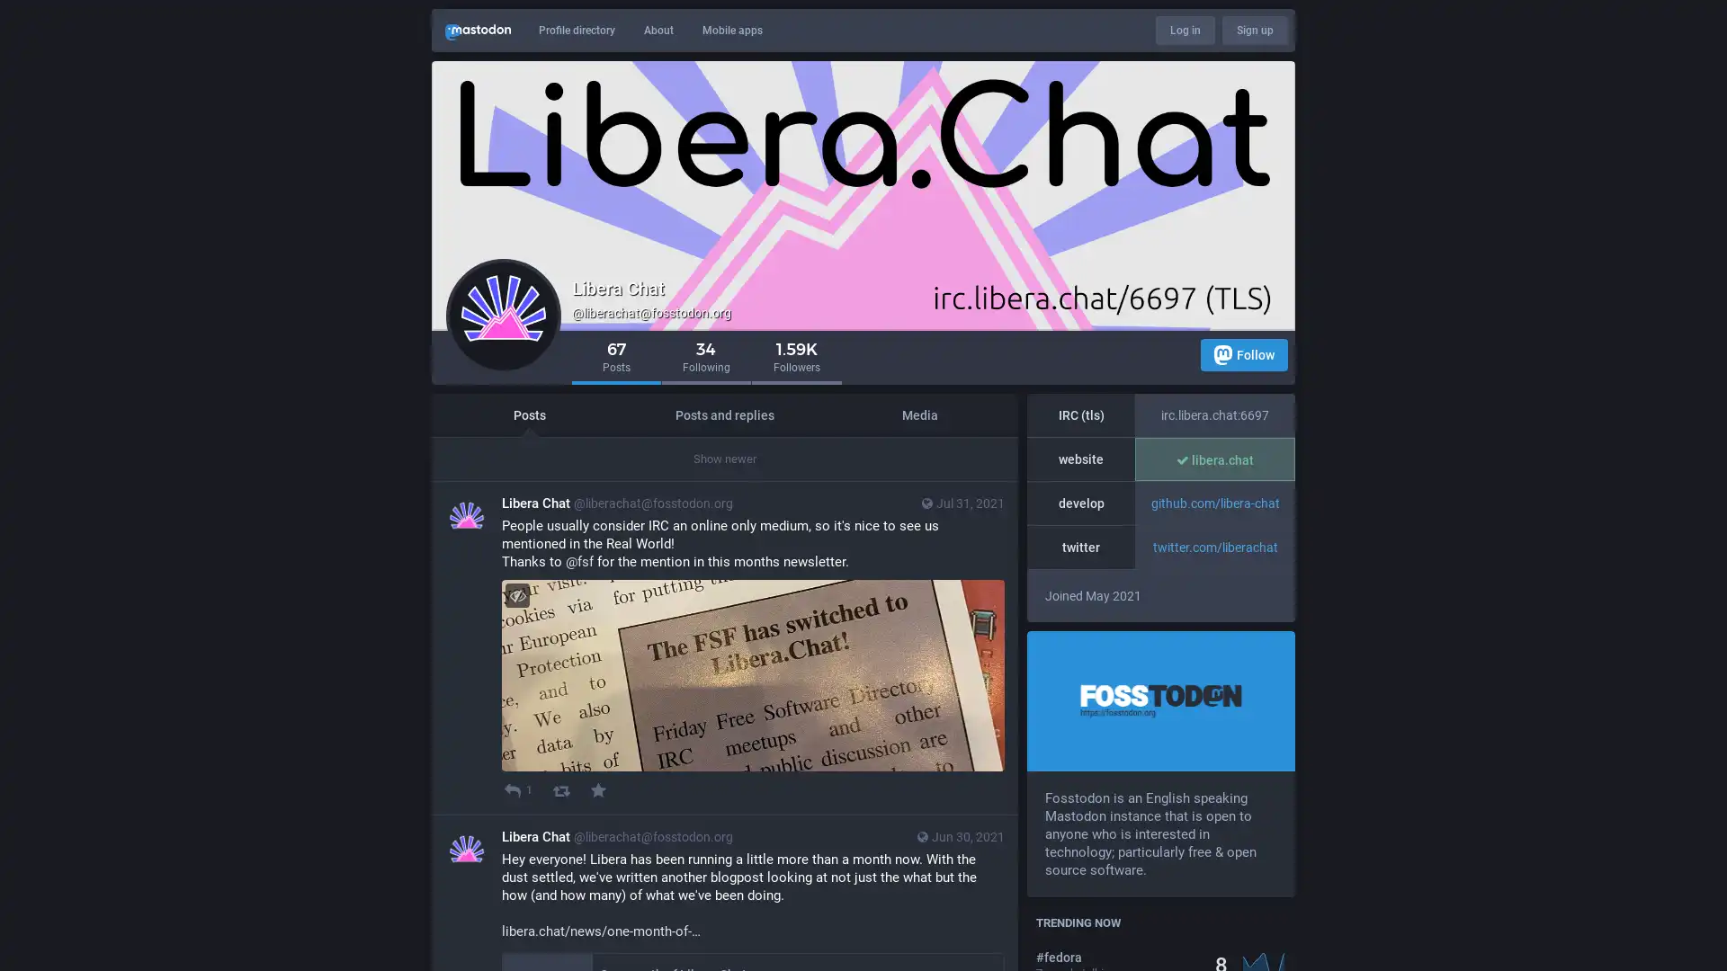 This screenshot has height=971, width=1727. I want to click on Hide image, so click(516, 595).